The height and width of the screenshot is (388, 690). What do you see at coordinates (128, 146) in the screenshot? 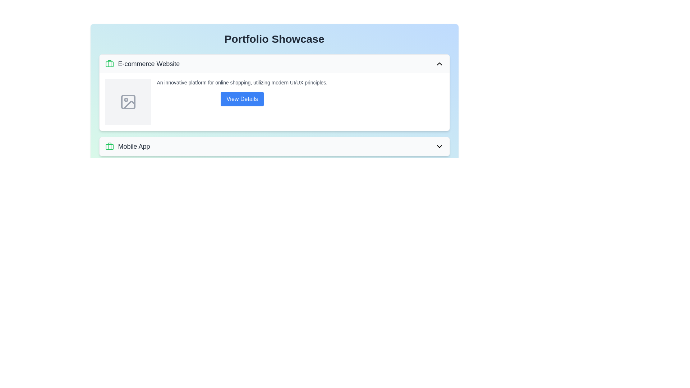
I see `the 'Mobile App' menu item` at bounding box center [128, 146].